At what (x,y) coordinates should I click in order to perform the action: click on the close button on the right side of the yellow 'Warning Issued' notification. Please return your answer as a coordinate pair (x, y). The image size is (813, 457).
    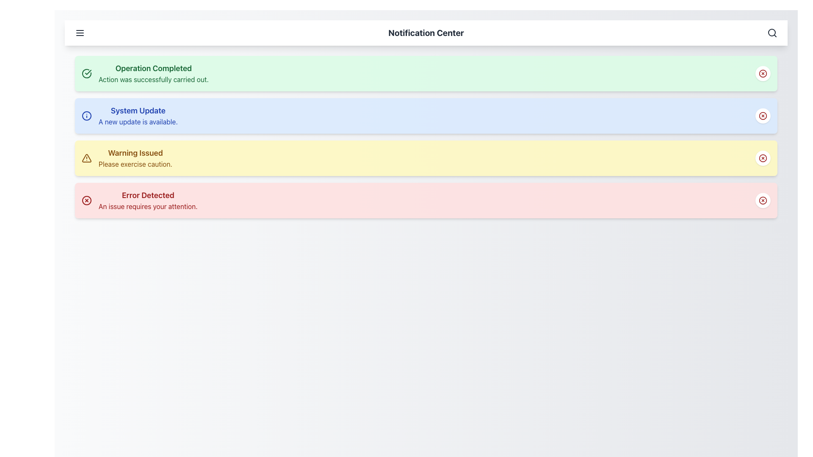
    Looking at the image, I should click on (763, 158).